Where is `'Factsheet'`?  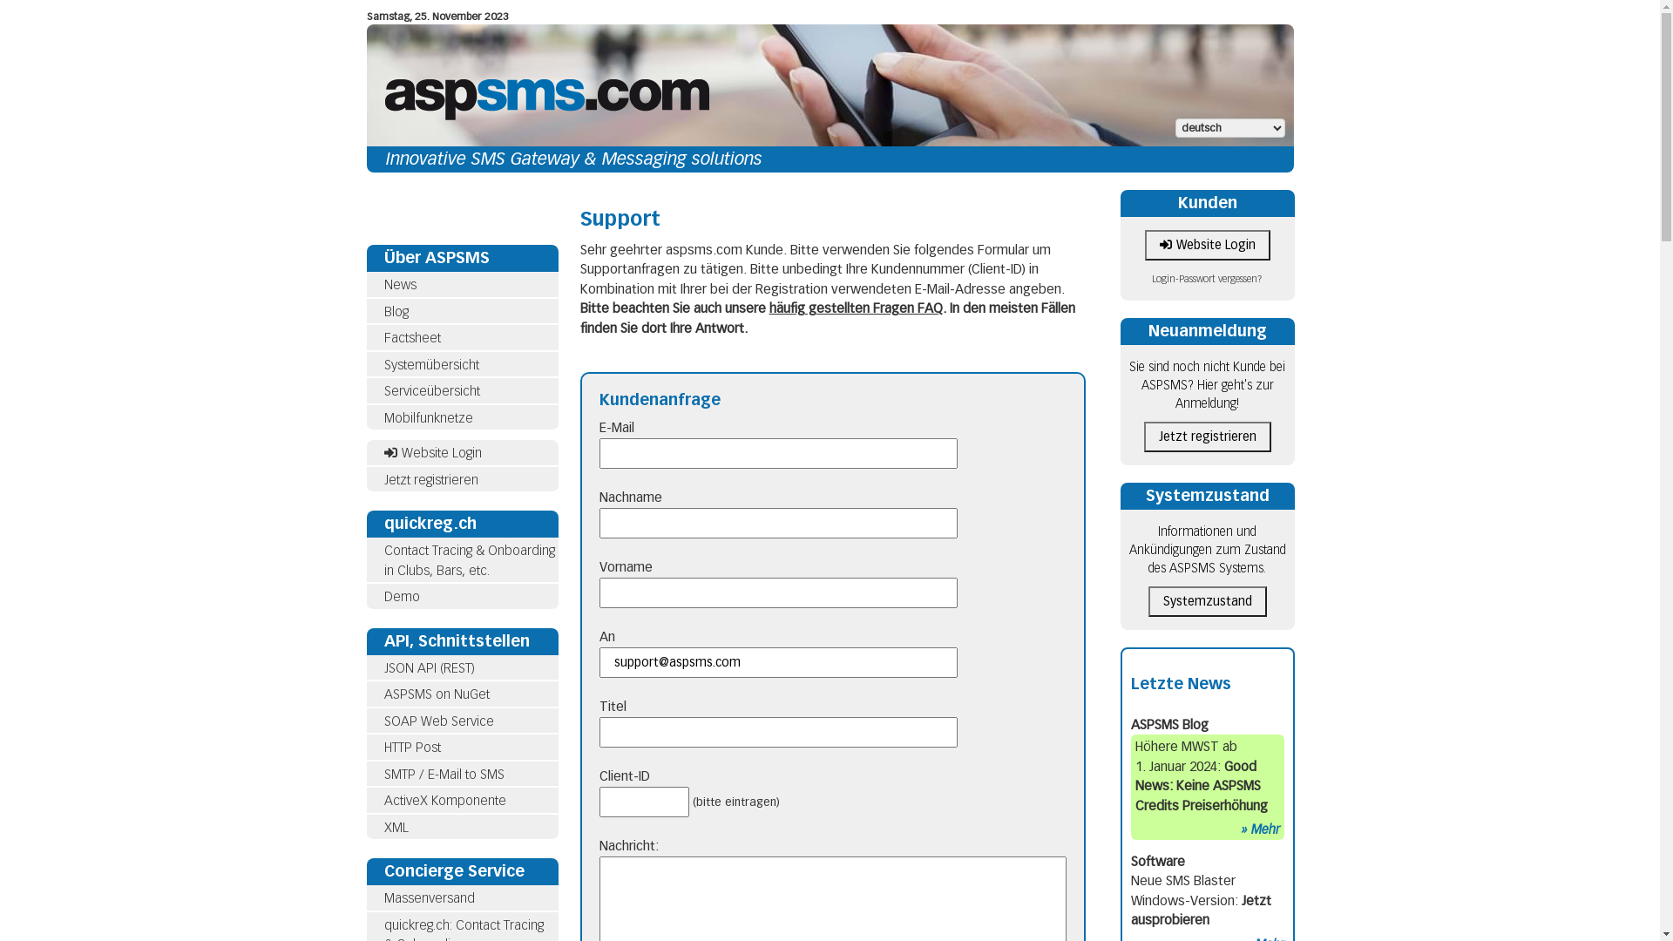 'Factsheet' is located at coordinates (410, 338).